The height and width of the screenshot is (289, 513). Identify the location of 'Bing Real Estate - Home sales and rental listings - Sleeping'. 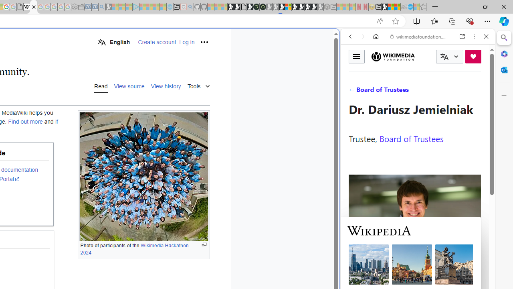
(101, 7).